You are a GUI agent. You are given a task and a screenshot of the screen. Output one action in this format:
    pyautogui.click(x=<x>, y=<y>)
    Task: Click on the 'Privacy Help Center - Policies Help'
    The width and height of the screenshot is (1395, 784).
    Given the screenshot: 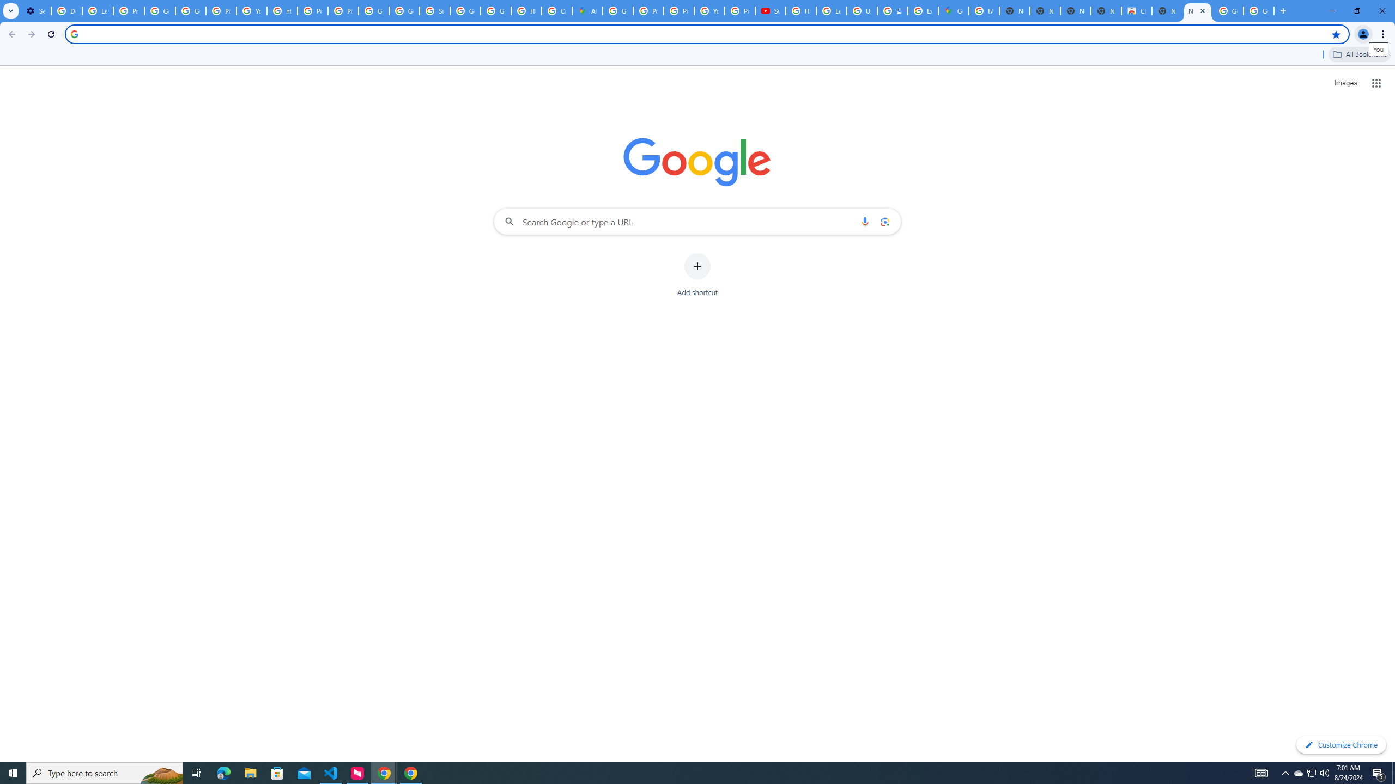 What is the action you would take?
    pyautogui.click(x=648, y=10)
    